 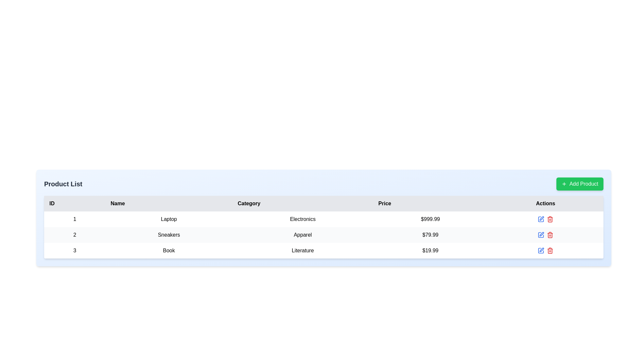 What do you see at coordinates (430, 234) in the screenshot?
I see `the price text for the product 'Sneakers' located in the fourth column of the second row in the 'Price' column of the table` at bounding box center [430, 234].